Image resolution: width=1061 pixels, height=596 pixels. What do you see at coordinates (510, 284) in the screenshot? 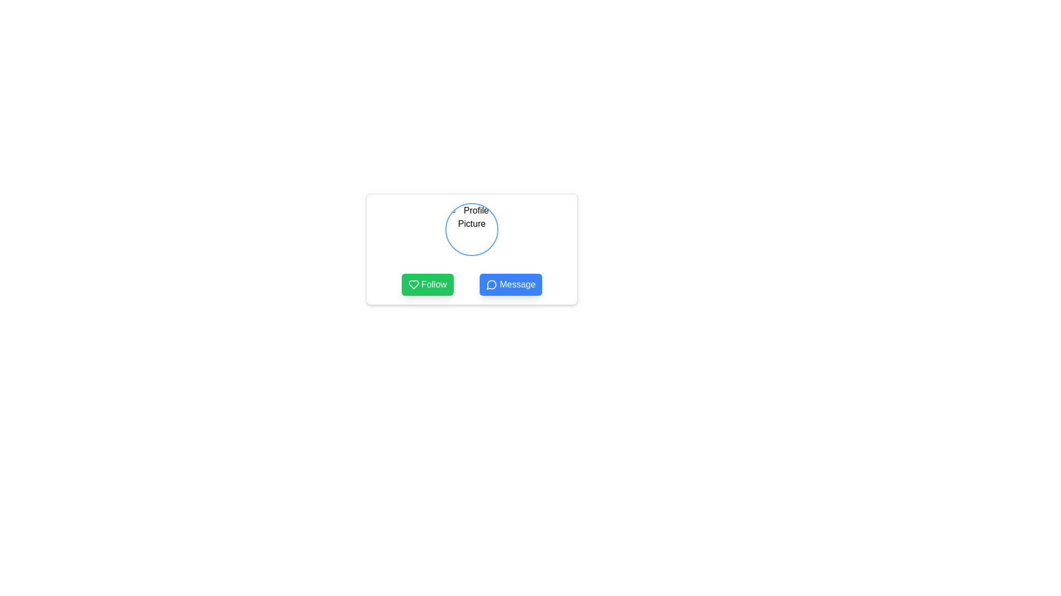
I see `the blue 'Message' button with a white chat bubble icon` at bounding box center [510, 284].